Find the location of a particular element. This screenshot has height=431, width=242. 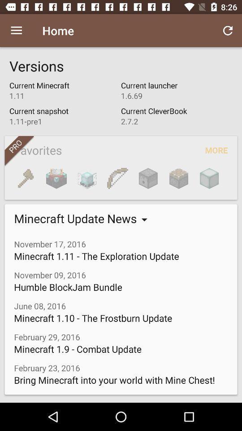

the item next to home icon is located at coordinates (228, 31).